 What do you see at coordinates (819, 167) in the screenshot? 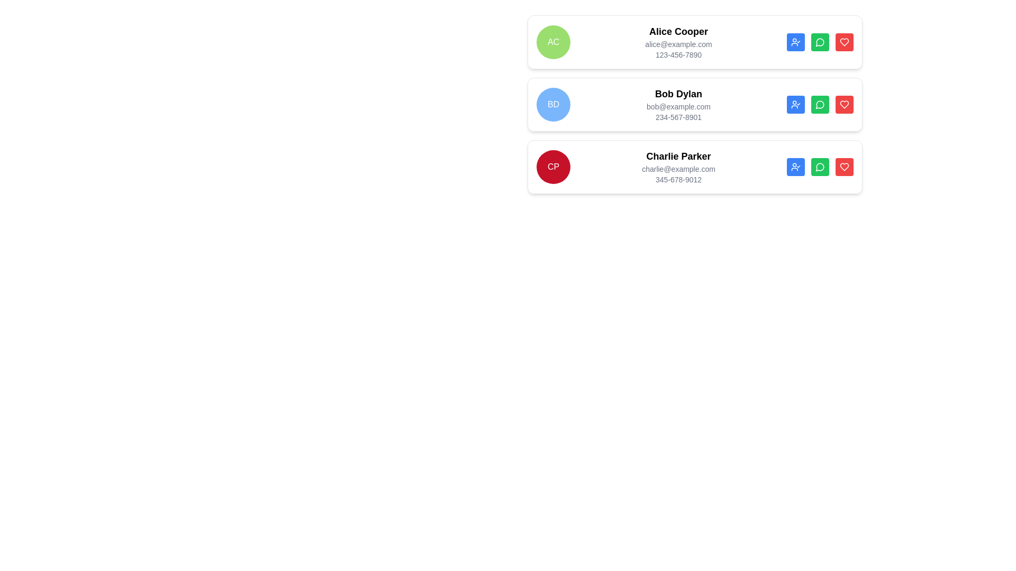
I see `the green circular icon with a speech bubble symbol to initiate a message, located in the middle of three action buttons associated with Alice Cooper` at bounding box center [819, 167].